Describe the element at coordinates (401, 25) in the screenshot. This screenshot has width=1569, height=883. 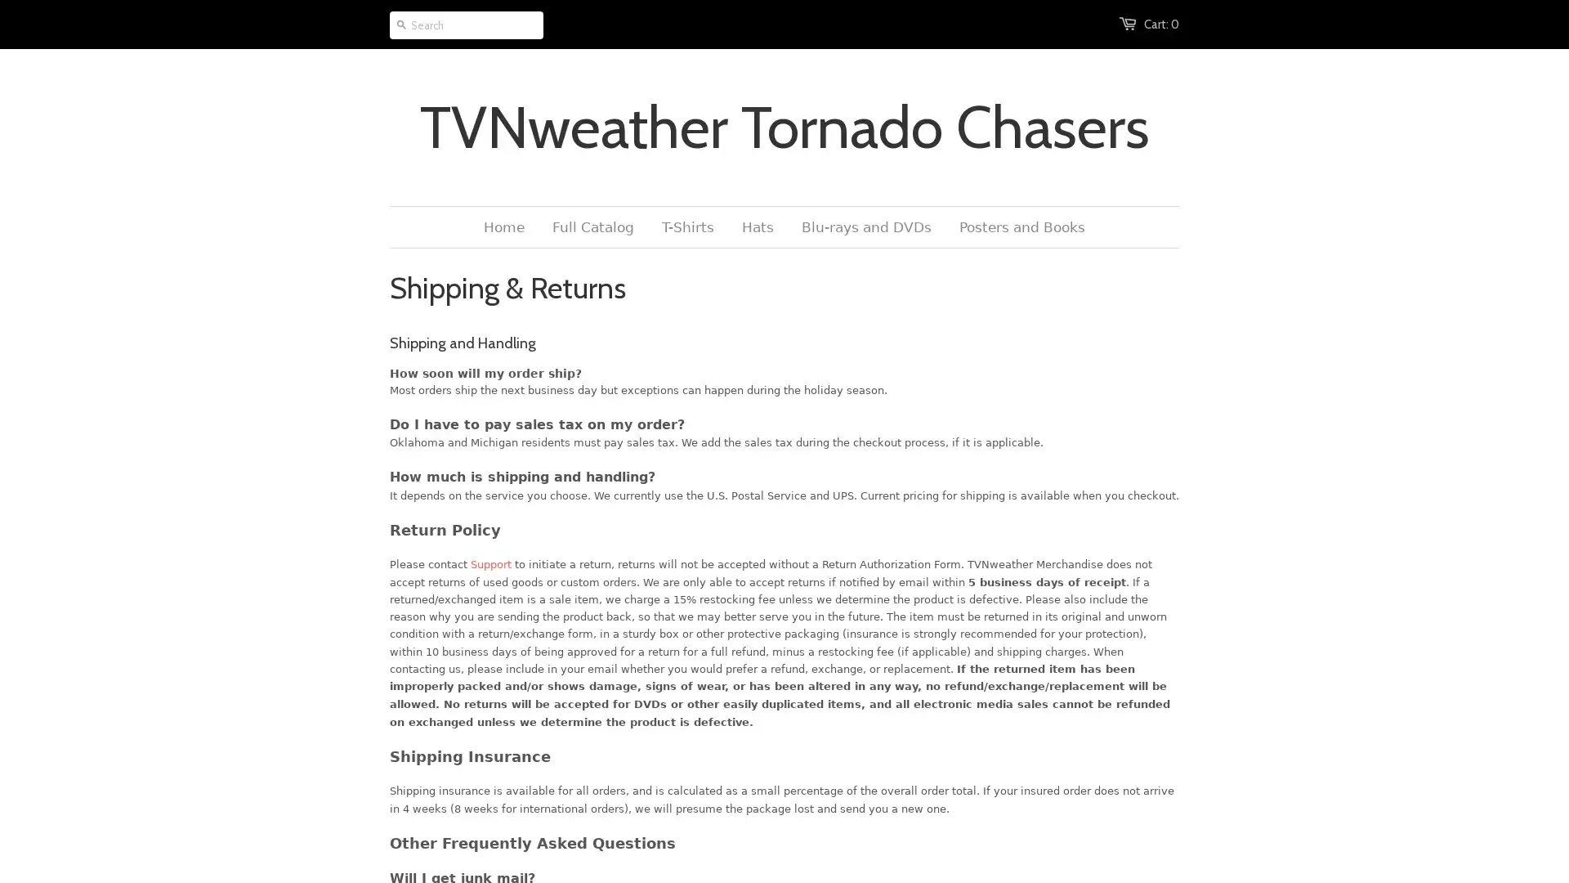
I see `Go` at that location.